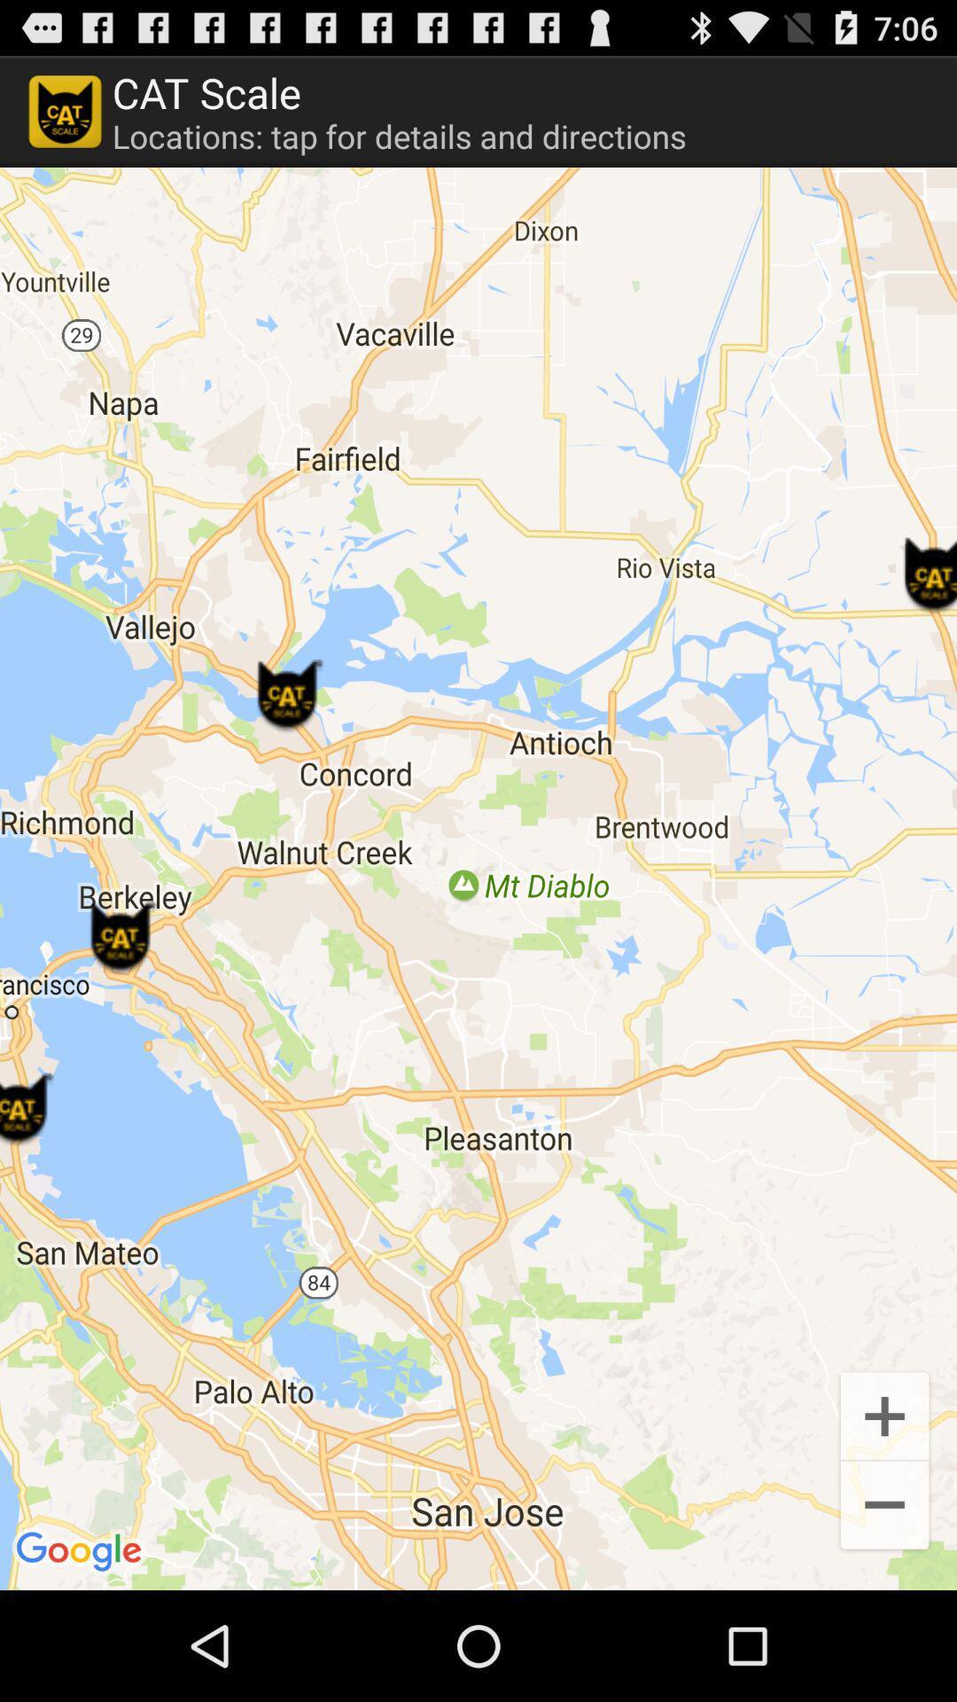  What do you see at coordinates (478, 878) in the screenshot?
I see `the app below the locations tap for icon` at bounding box center [478, 878].